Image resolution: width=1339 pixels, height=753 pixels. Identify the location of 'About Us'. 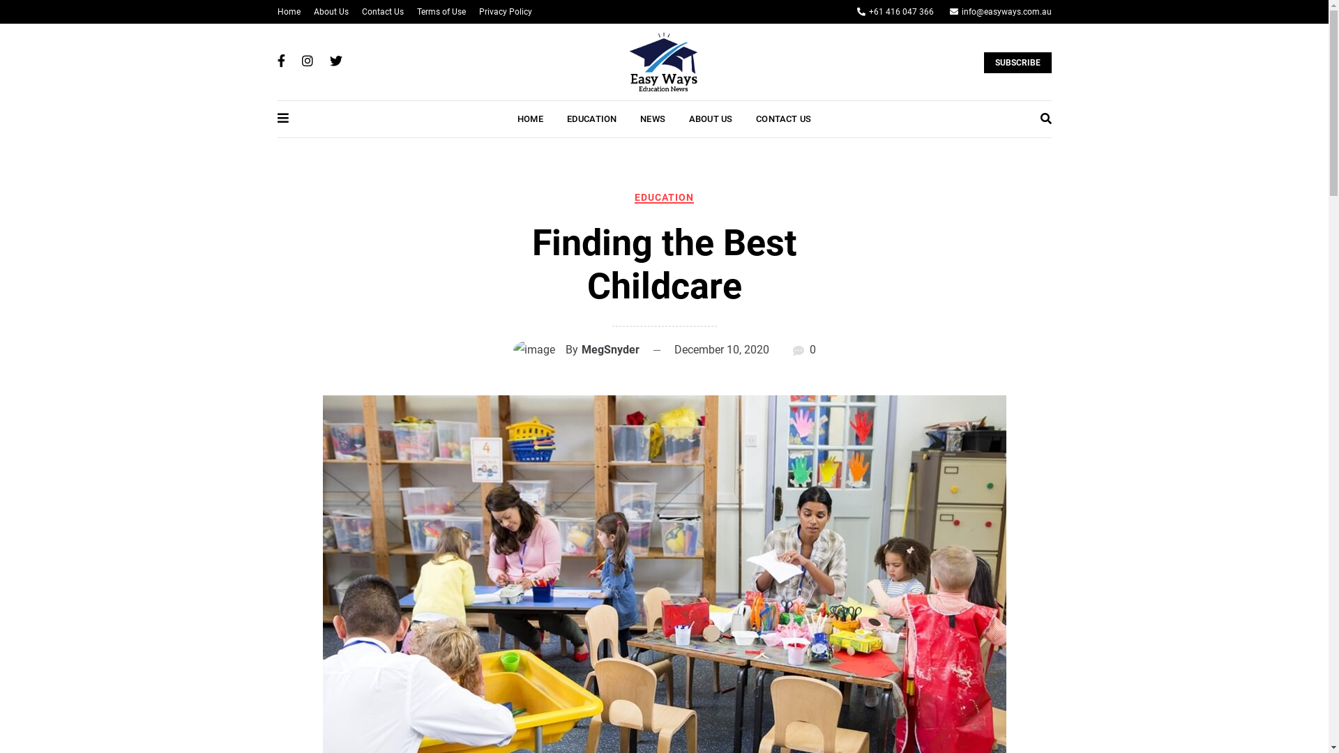
(331, 11).